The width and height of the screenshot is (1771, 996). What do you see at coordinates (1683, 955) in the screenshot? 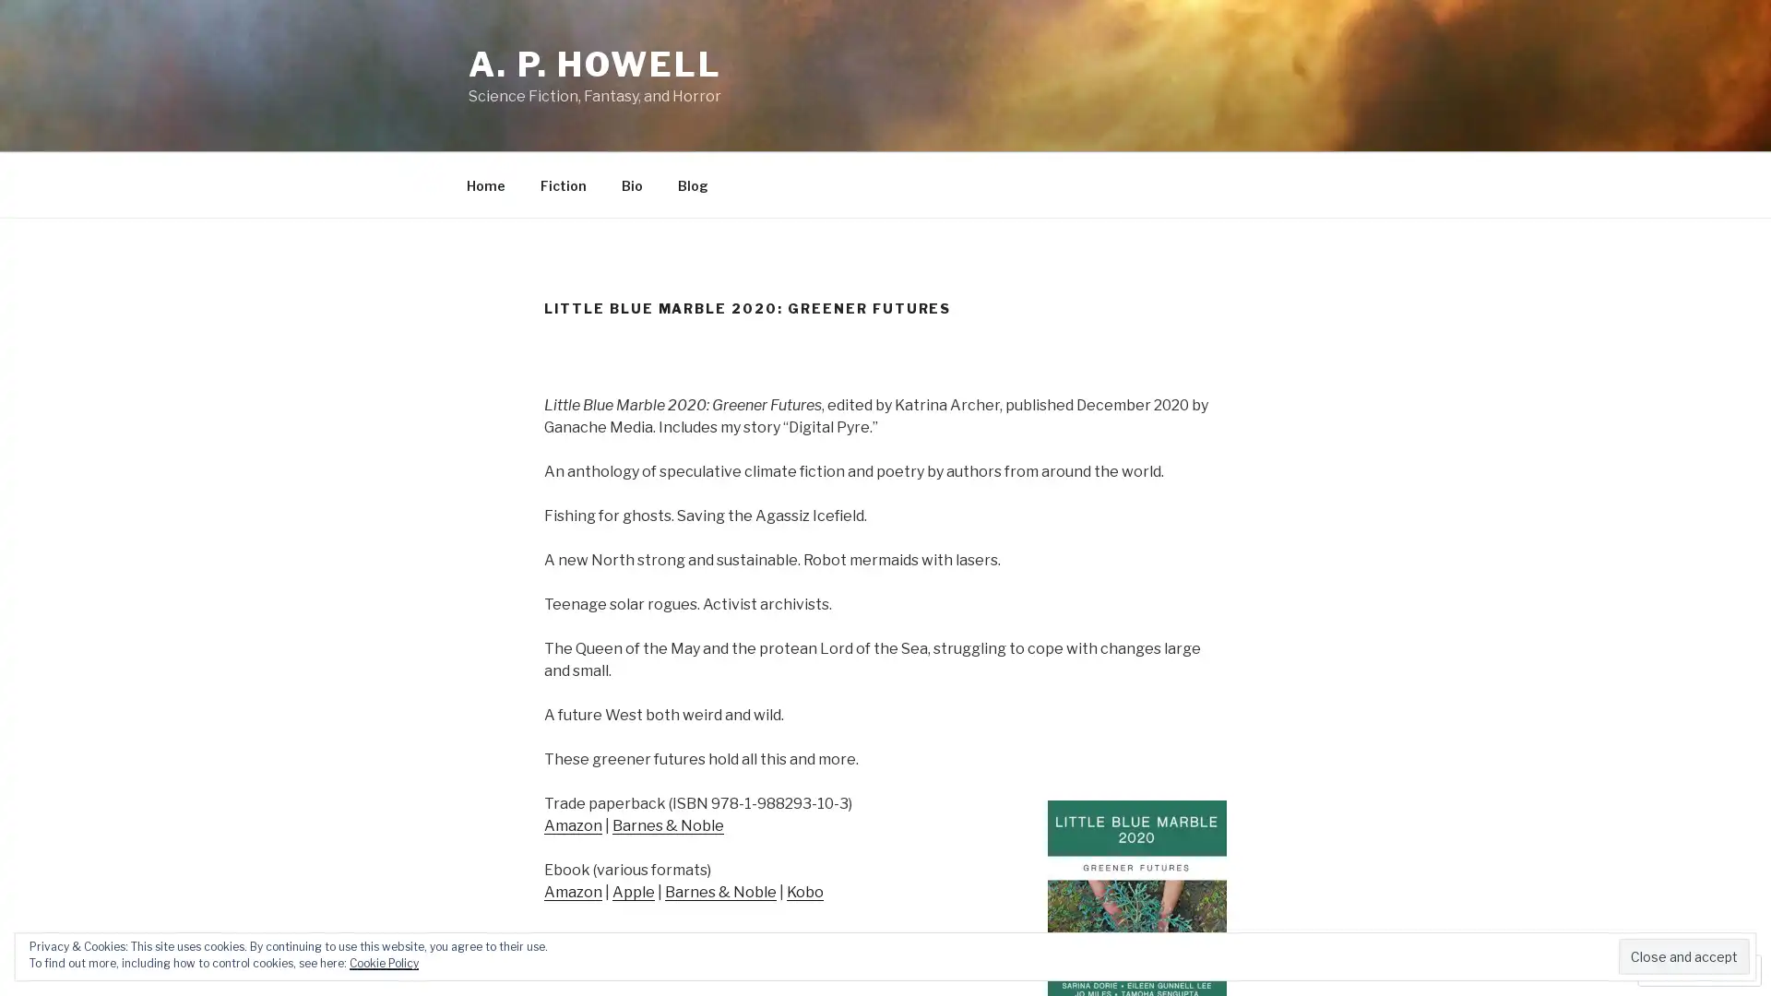
I see `Close and accept` at bounding box center [1683, 955].